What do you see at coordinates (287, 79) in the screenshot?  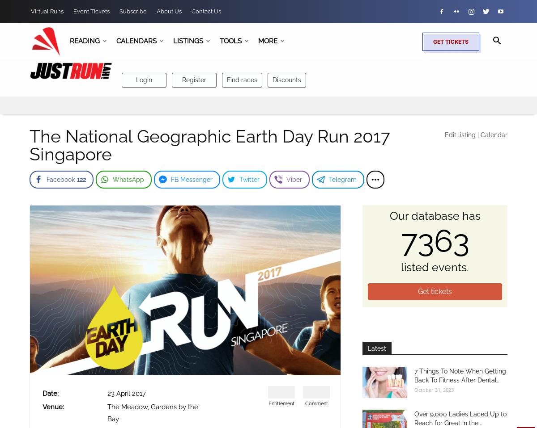 I see `'Discounts'` at bounding box center [287, 79].